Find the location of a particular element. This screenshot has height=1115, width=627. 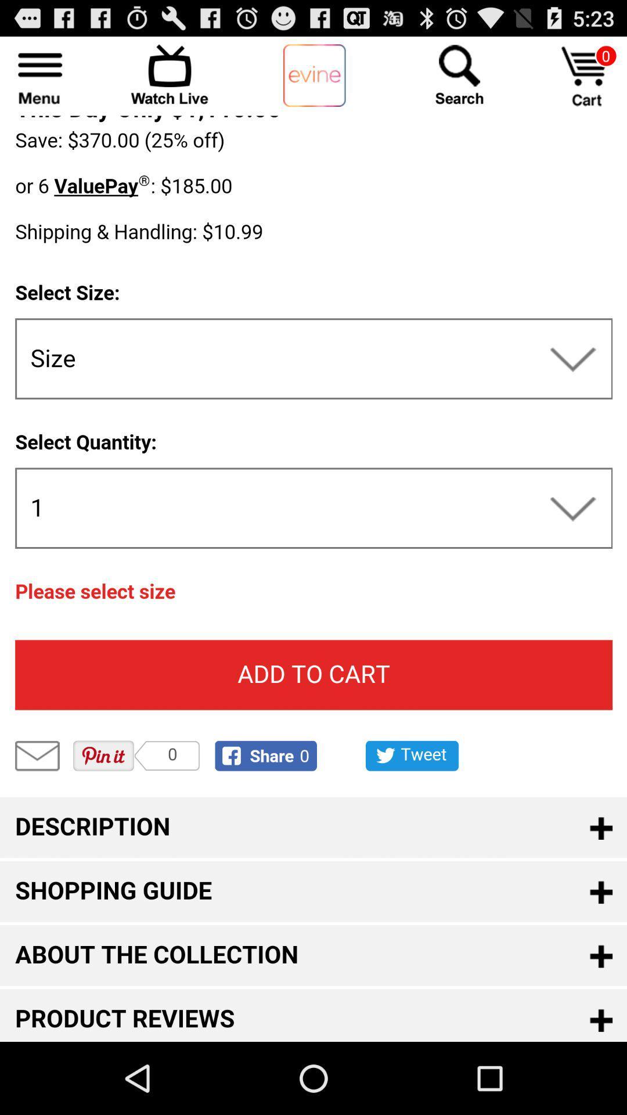

return to evine main page is located at coordinates (314, 75).